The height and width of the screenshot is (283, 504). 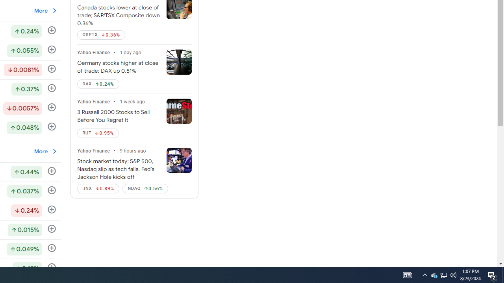 I want to click on 'RUT Down by 0.95%', so click(x=98, y=133).